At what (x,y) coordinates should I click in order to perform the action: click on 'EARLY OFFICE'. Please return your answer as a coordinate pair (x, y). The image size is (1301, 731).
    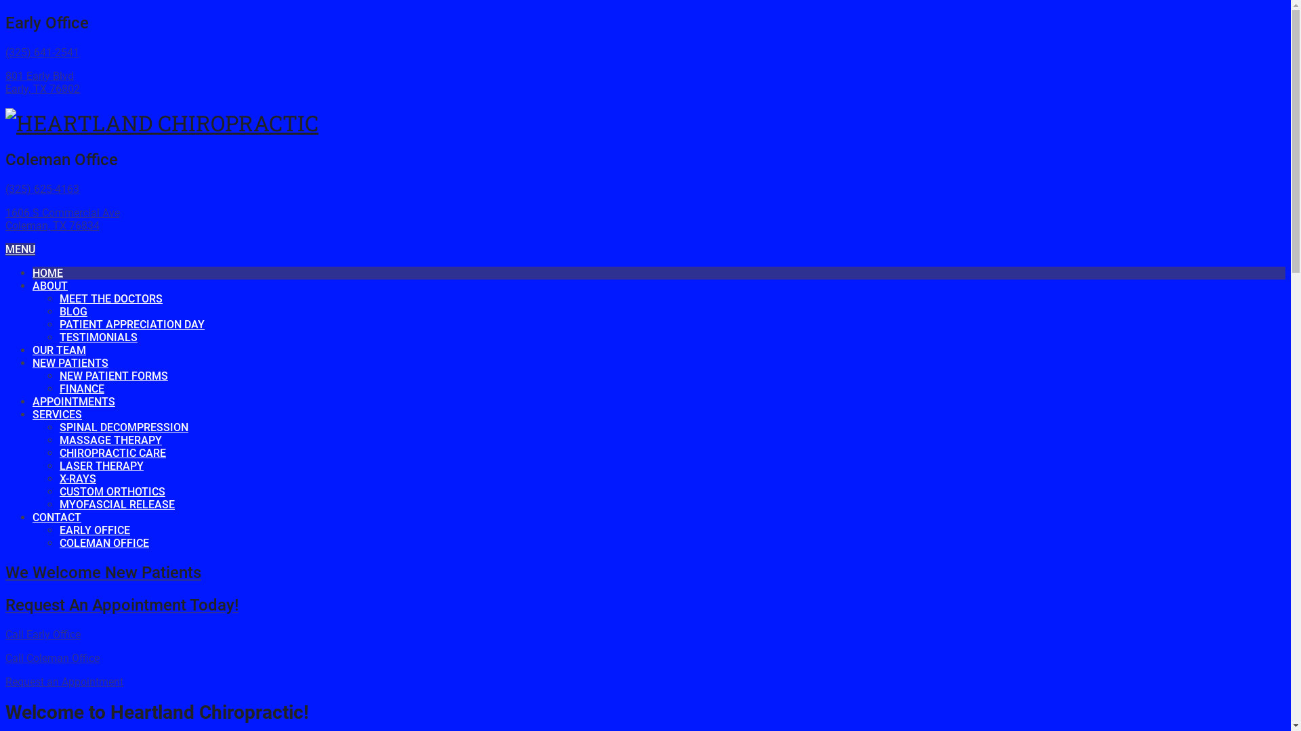
    Looking at the image, I should click on (94, 529).